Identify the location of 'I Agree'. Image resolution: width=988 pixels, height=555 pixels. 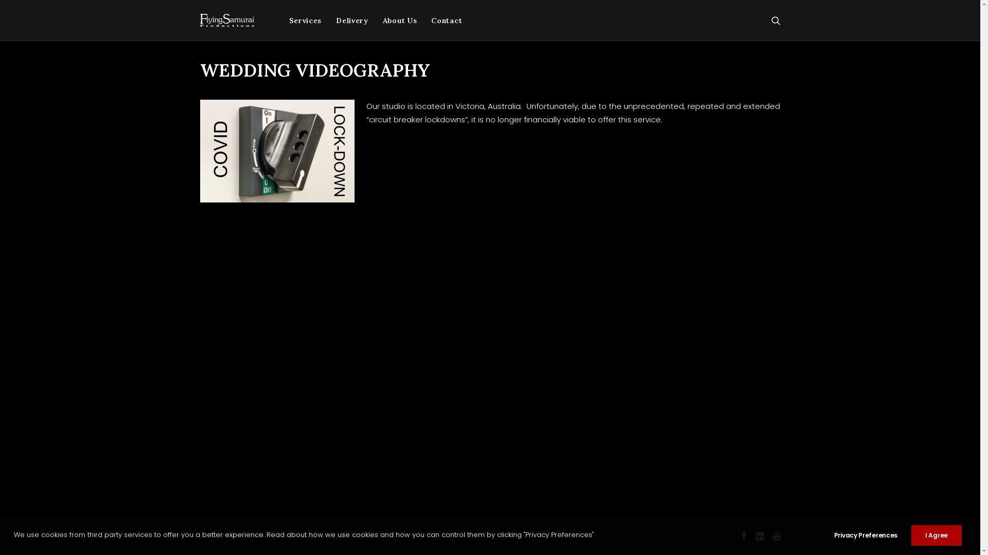
(936, 534).